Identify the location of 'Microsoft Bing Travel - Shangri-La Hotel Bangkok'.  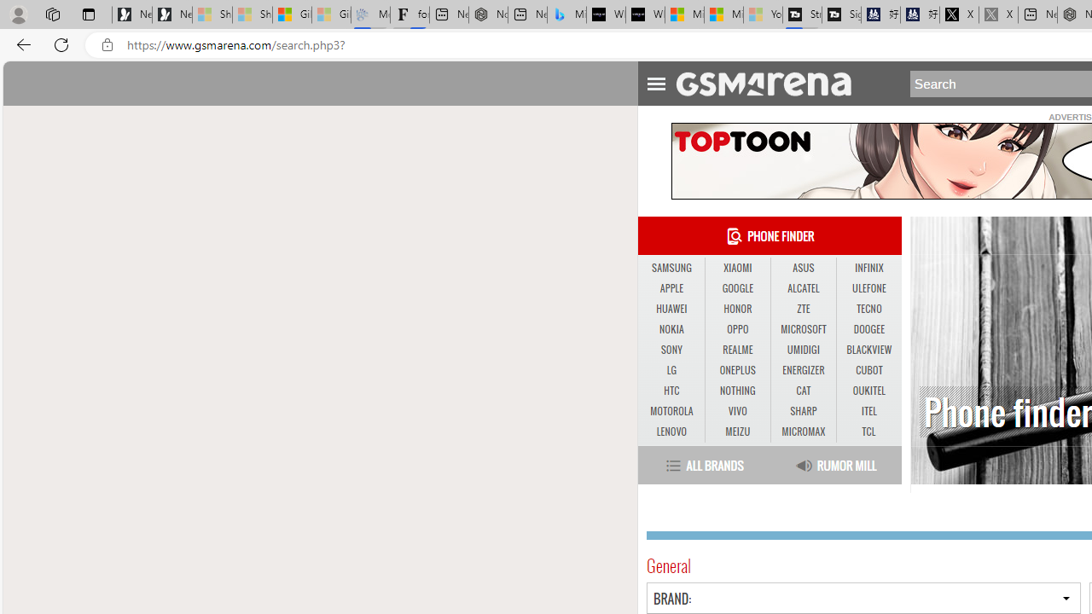
(566, 14).